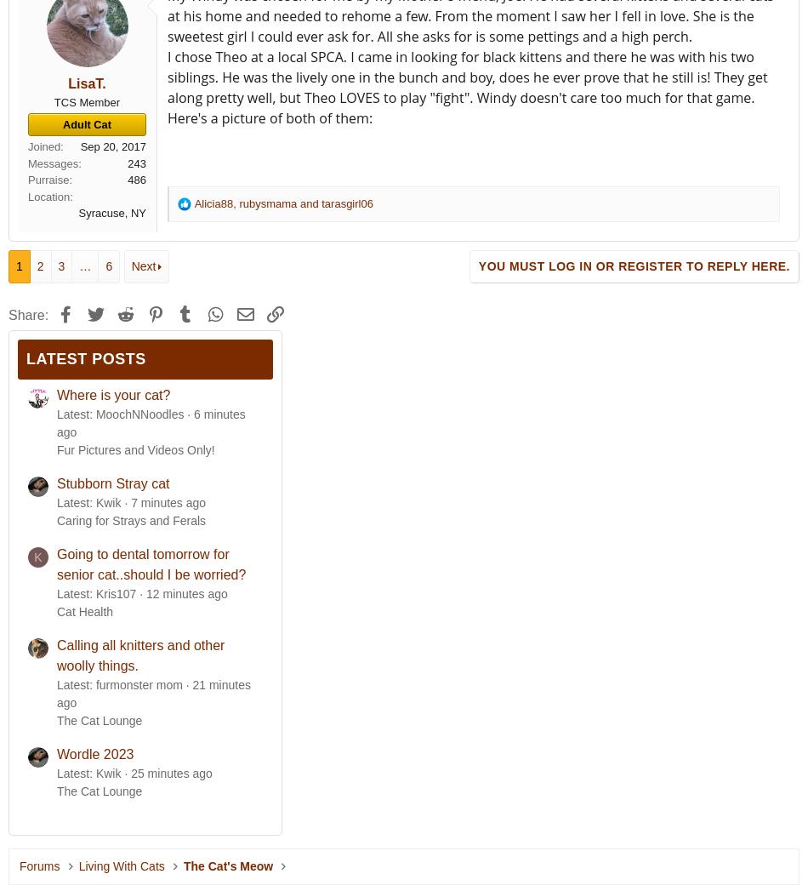 Image resolution: width=808 pixels, height=891 pixels. I want to click on '13 minutes ago', so click(186, 593).